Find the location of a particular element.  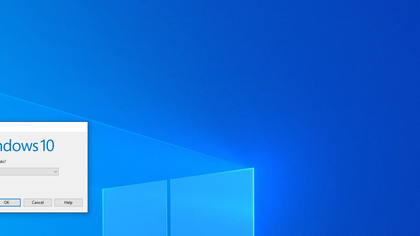

'Open' is located at coordinates (56, 171).